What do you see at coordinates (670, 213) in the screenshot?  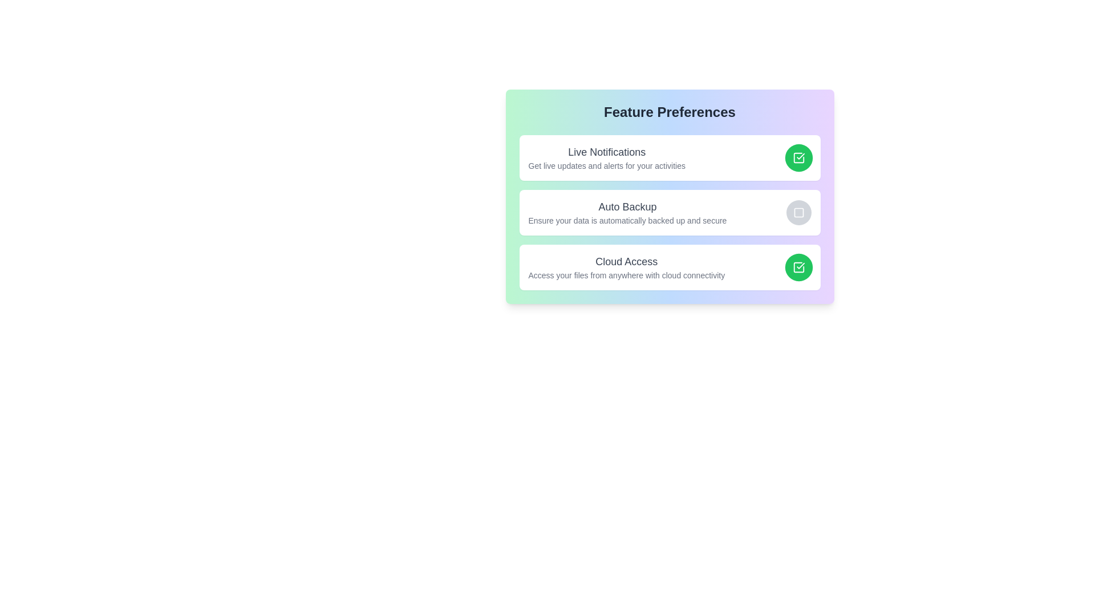 I see `the circular icon next to the 'Auto Backup' title in the list item under 'Feature Preferences'` at bounding box center [670, 213].